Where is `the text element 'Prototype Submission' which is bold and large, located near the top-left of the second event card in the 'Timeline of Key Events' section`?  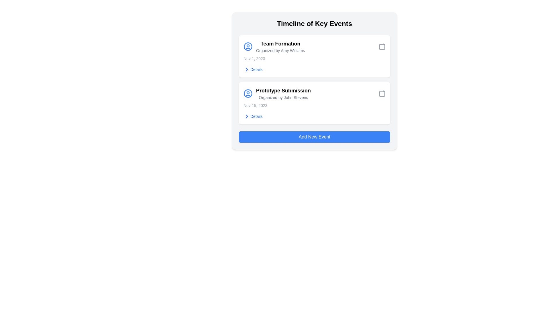
the text element 'Prototype Submission' which is bold and large, located near the top-left of the second event card in the 'Timeline of Key Events' section is located at coordinates (283, 90).